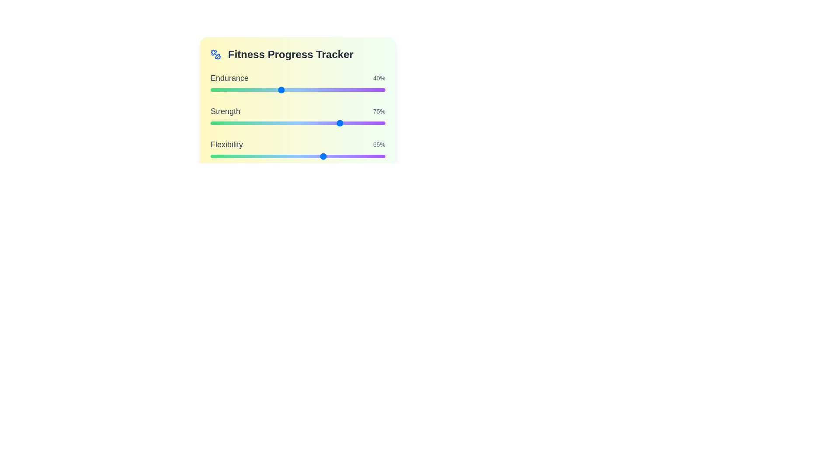 The height and width of the screenshot is (472, 839). Describe the element at coordinates (218, 56) in the screenshot. I see `the decorative dumbbell icon located at the top-left corner of the Fitness Progress Tracker interface, next to the title text` at that location.